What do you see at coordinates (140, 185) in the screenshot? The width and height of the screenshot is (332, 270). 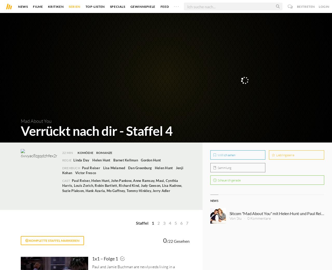 I see `'Judy Geeson'` at bounding box center [140, 185].